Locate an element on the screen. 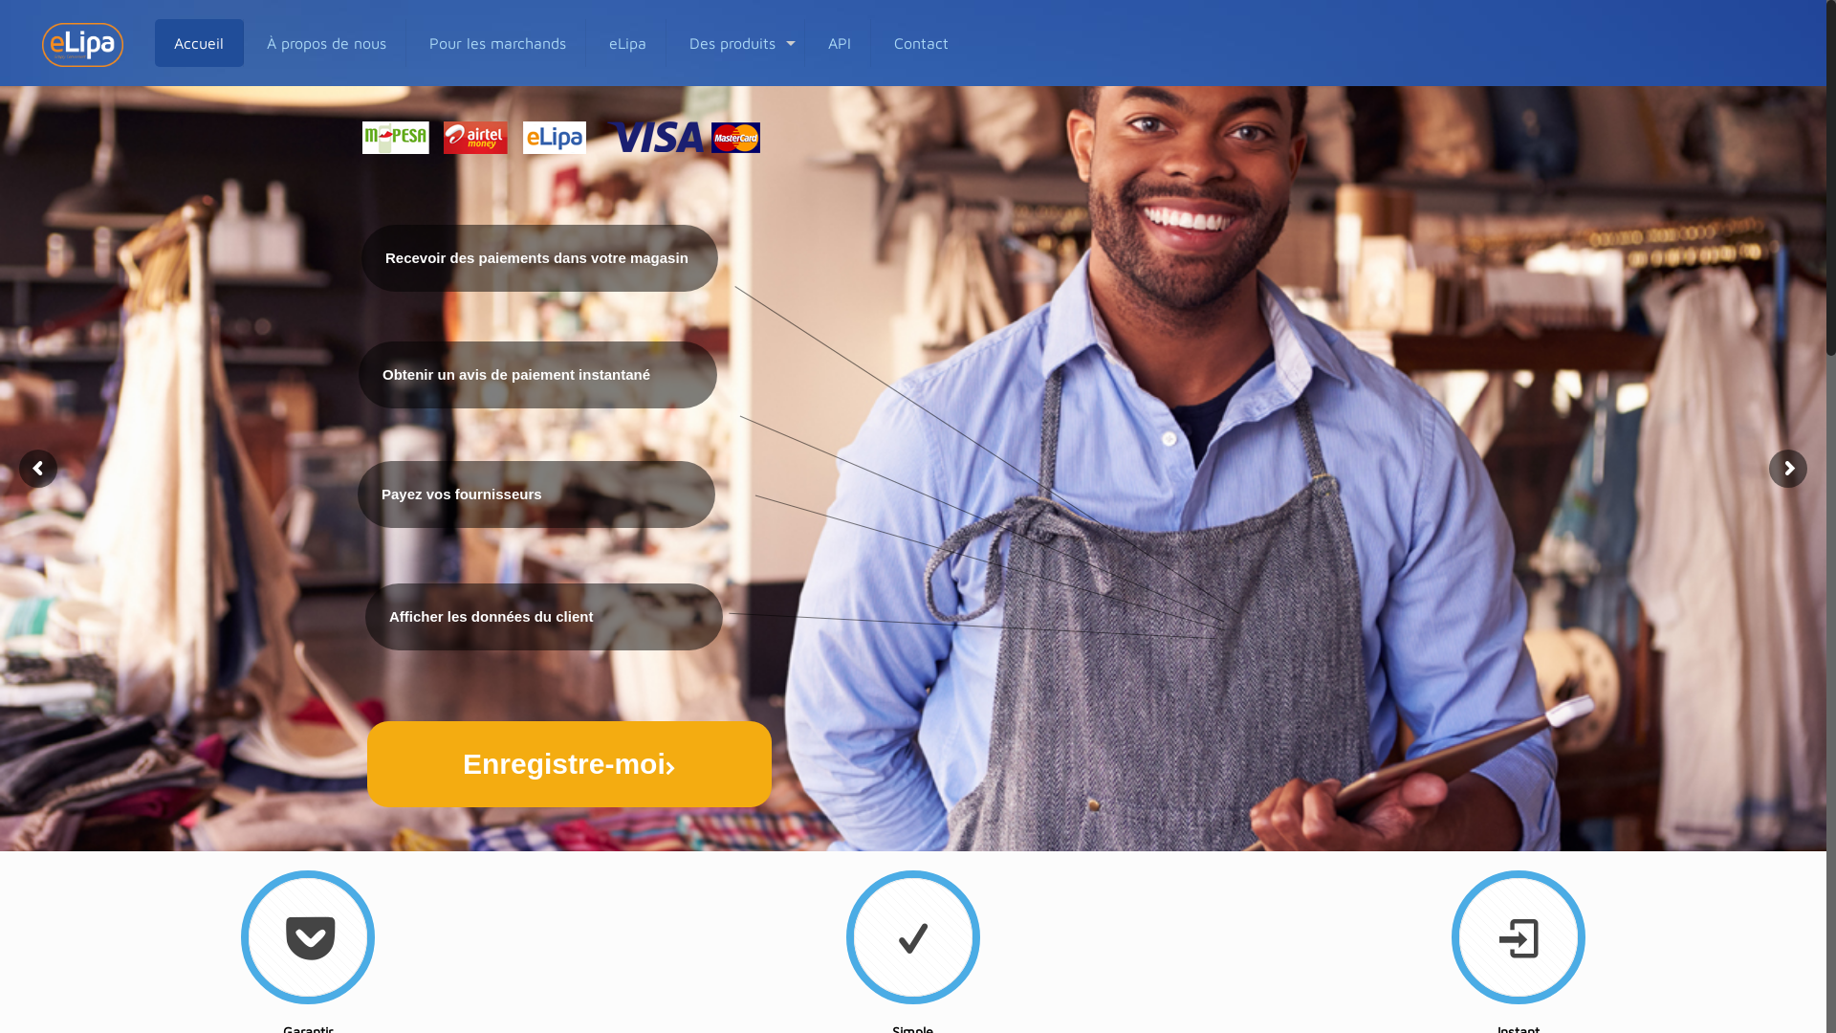  'API' is located at coordinates (840, 43).